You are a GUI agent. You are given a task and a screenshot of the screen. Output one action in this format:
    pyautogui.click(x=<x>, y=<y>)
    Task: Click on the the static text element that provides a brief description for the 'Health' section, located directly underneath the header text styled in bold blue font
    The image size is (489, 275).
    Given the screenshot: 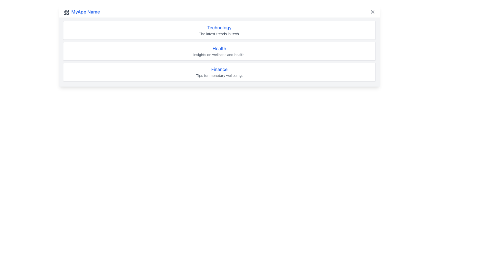 What is the action you would take?
    pyautogui.click(x=219, y=55)
    